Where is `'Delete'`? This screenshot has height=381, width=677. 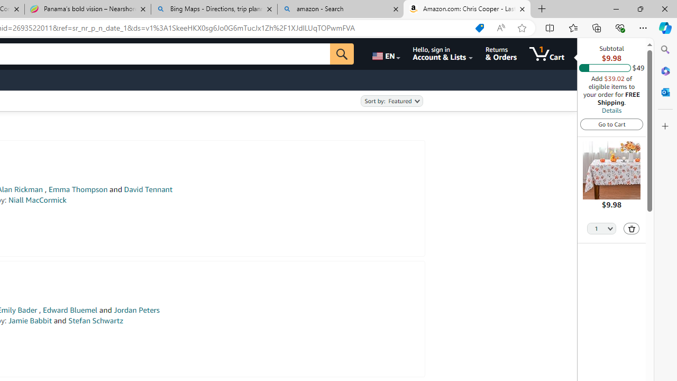 'Delete' is located at coordinates (632, 228).